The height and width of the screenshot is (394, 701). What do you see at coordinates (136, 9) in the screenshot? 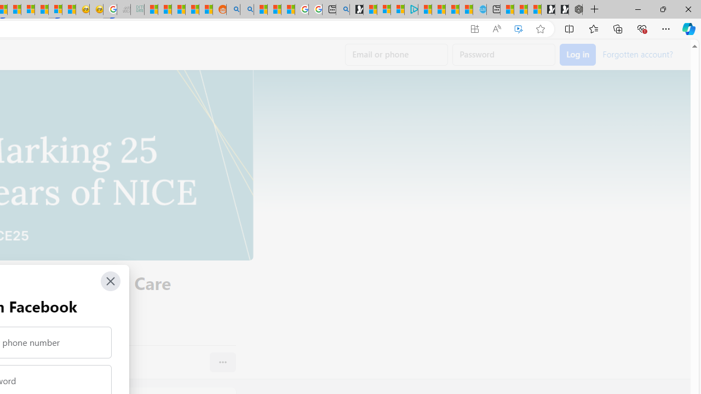
I see `'DITOGAMES AG Imprint - Sleeping'` at bounding box center [136, 9].